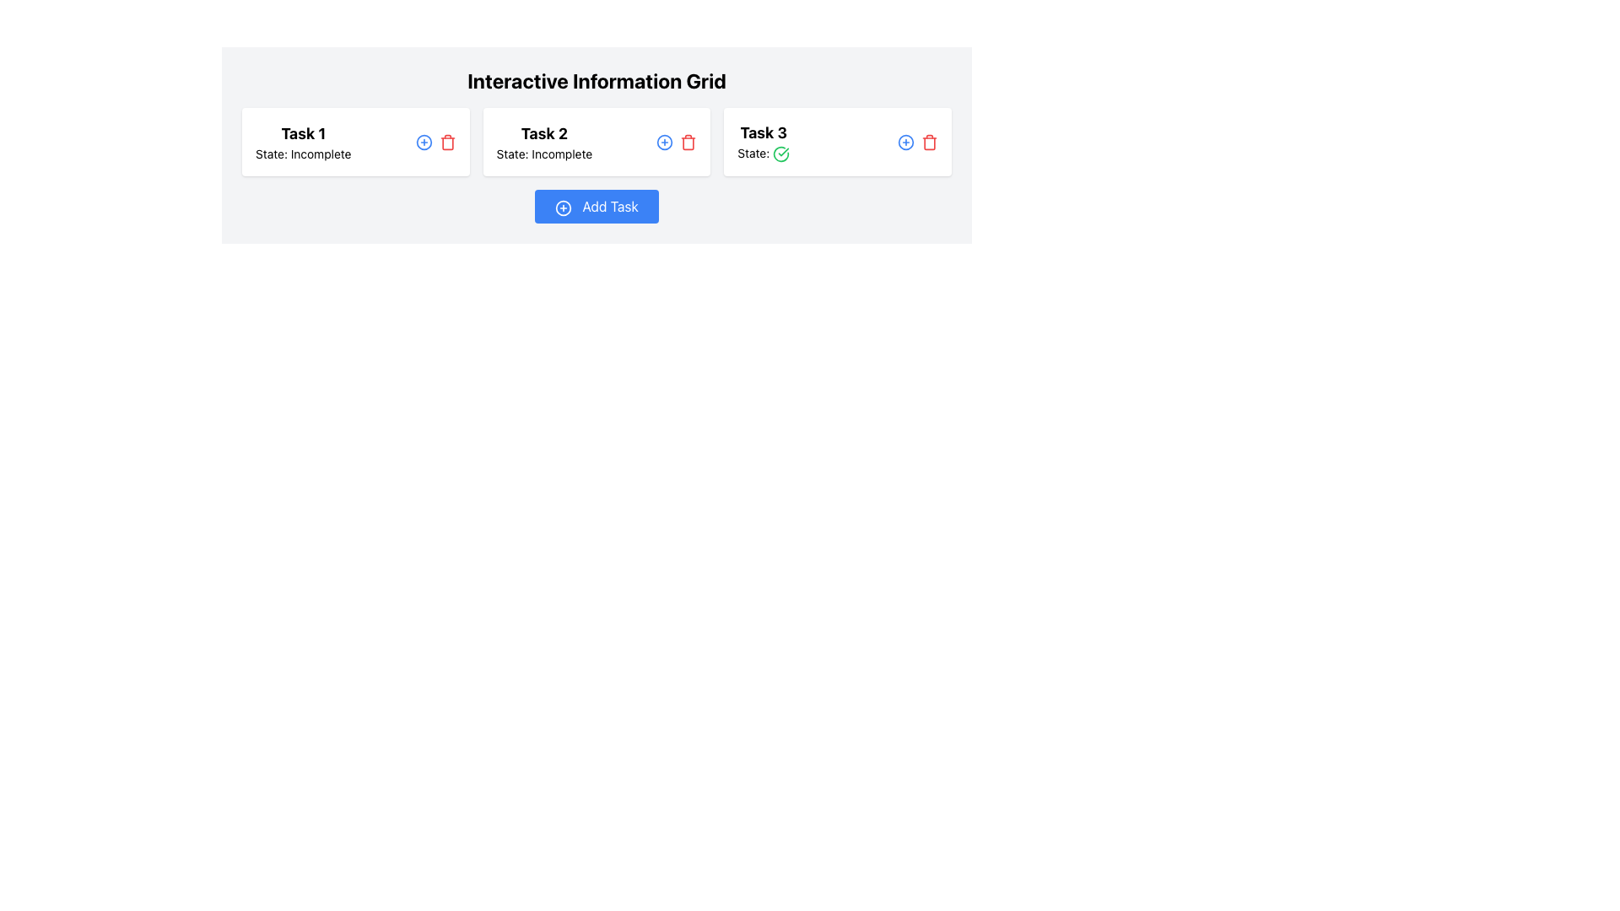  I want to click on the text label component that indicates 'Task 3', located in the top-right segment of the task grid, so click(763, 132).